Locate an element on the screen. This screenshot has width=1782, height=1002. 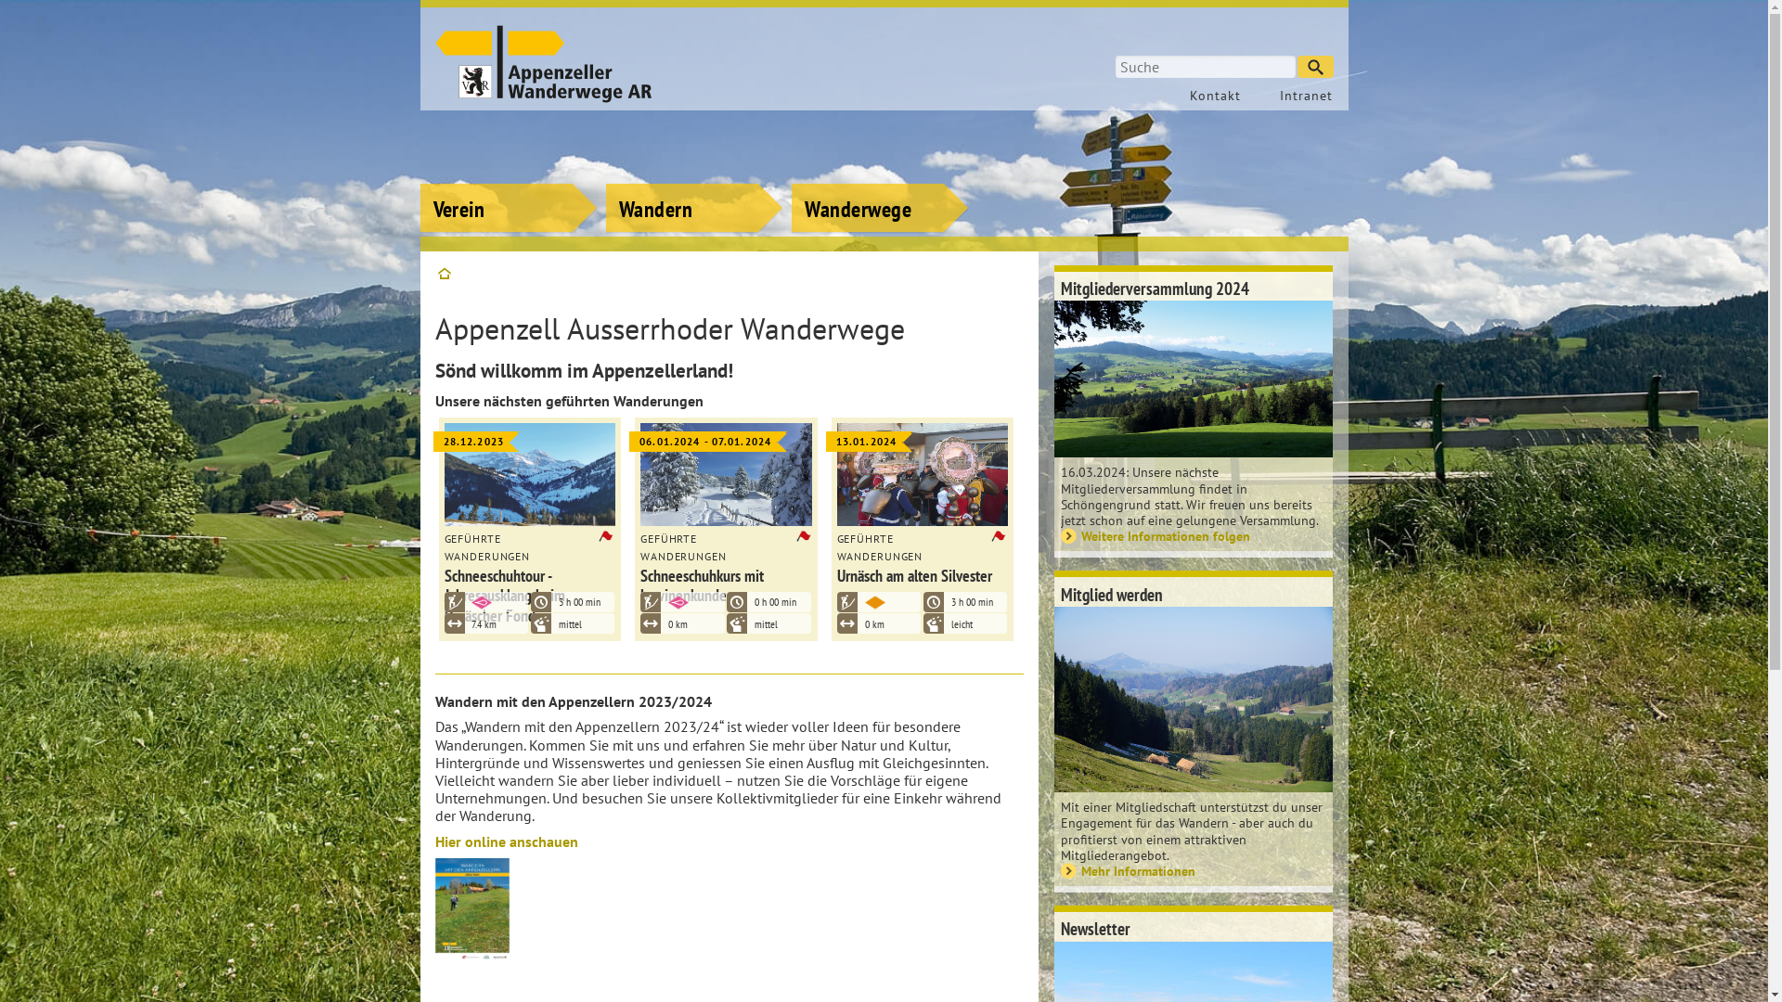
'Newsletter' is located at coordinates (1194, 927).